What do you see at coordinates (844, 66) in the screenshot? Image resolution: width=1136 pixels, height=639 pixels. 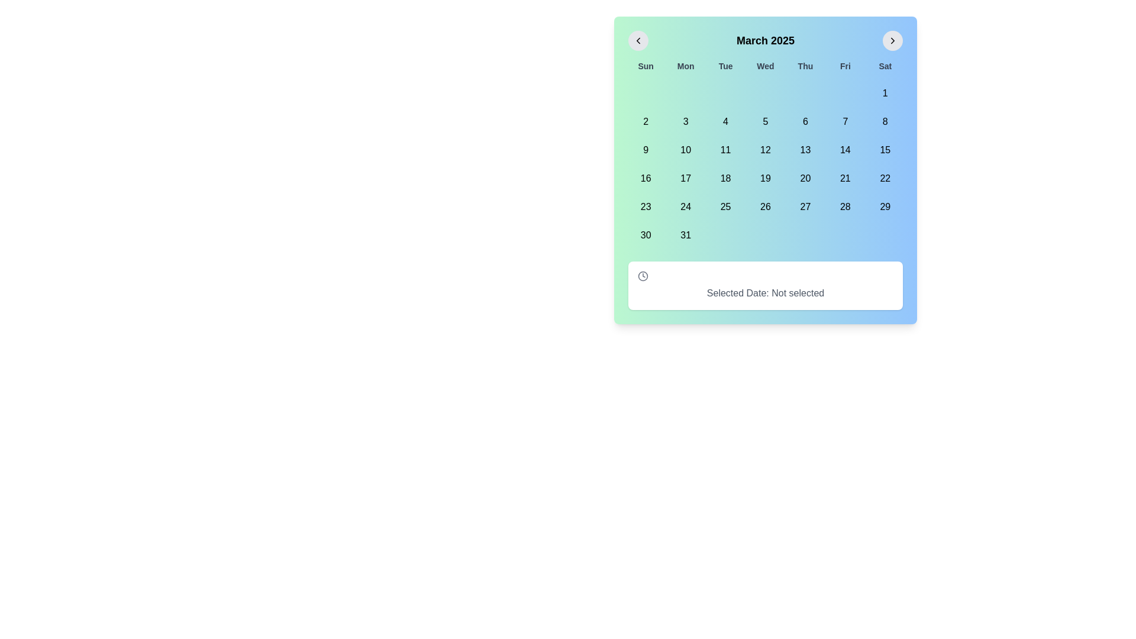 I see `the text label representing 'Friday' in the weekly calendar layout, positioned between 'Thu' and 'Sat'` at bounding box center [844, 66].